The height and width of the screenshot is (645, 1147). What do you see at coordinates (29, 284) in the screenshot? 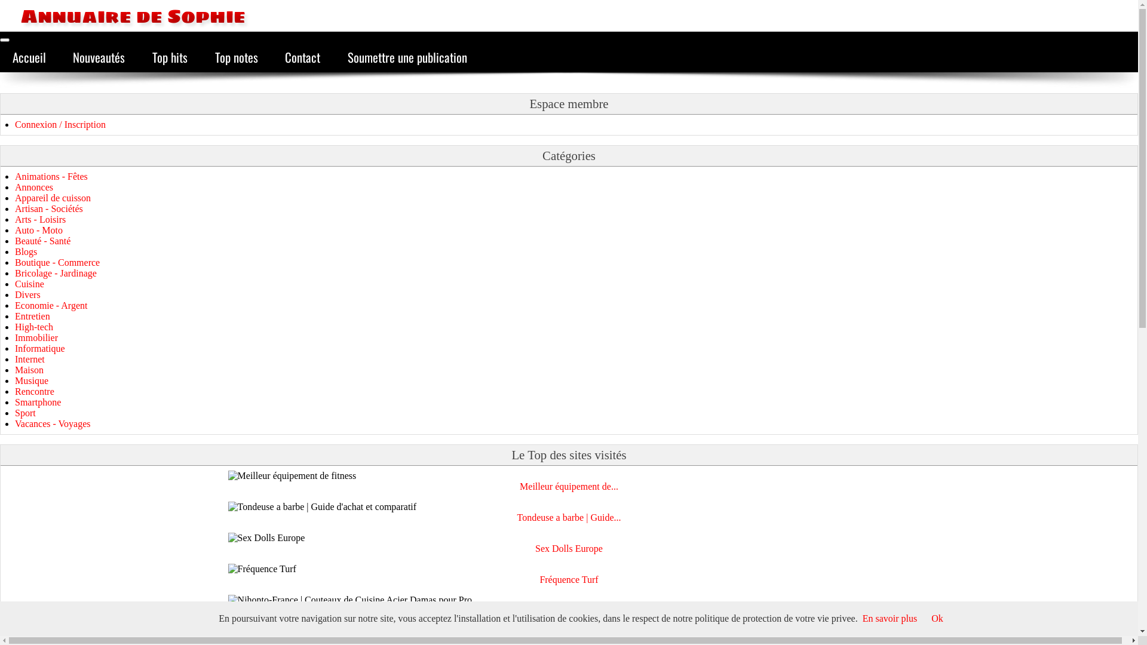
I see `'Cuisine'` at bounding box center [29, 284].